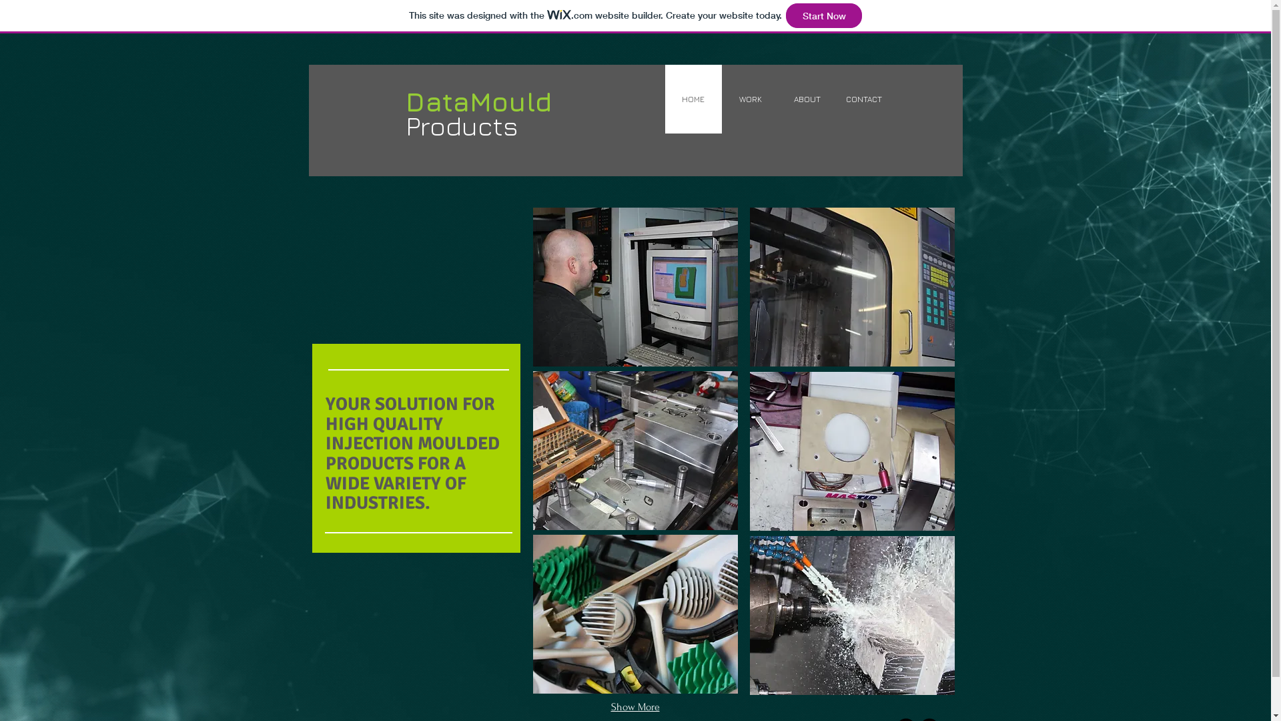 Image resolution: width=1281 pixels, height=721 pixels. Describe the element at coordinates (863, 98) in the screenshot. I see `'CONTACT'` at that location.